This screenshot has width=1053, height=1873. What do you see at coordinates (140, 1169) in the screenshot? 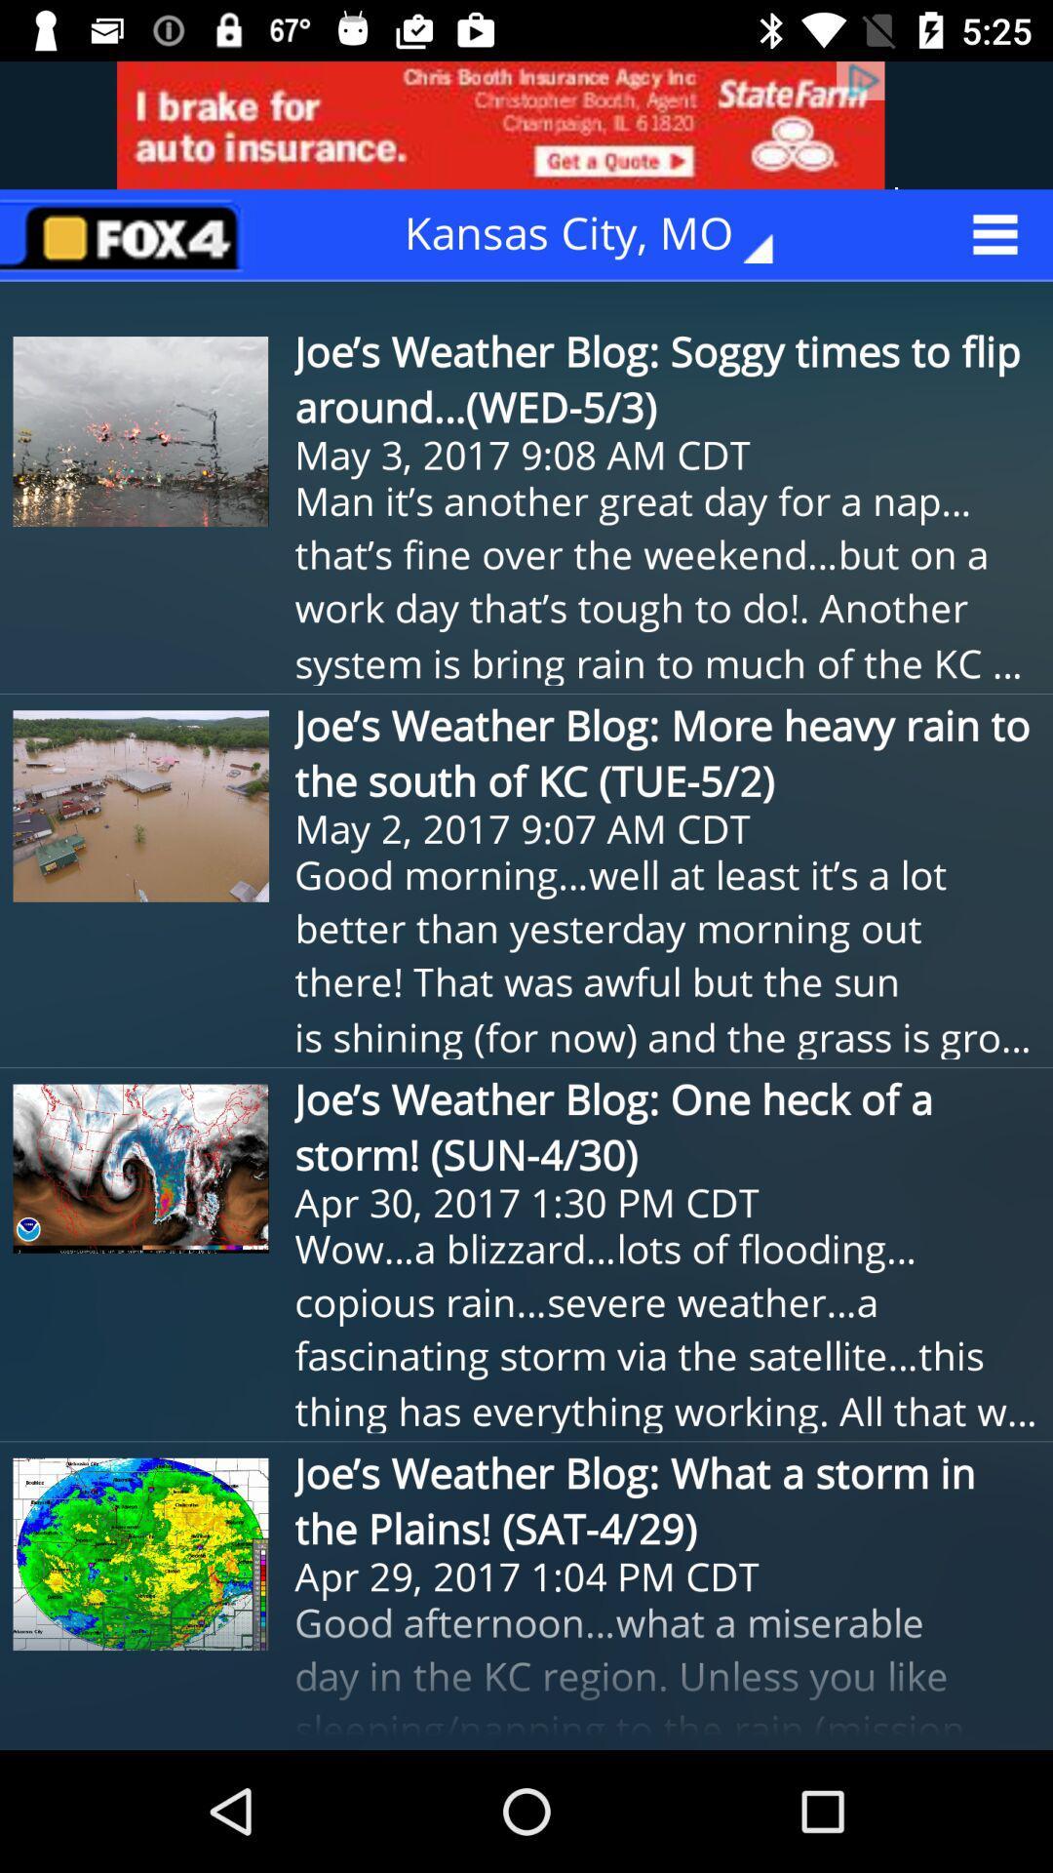
I see `the third image from the top` at bounding box center [140, 1169].